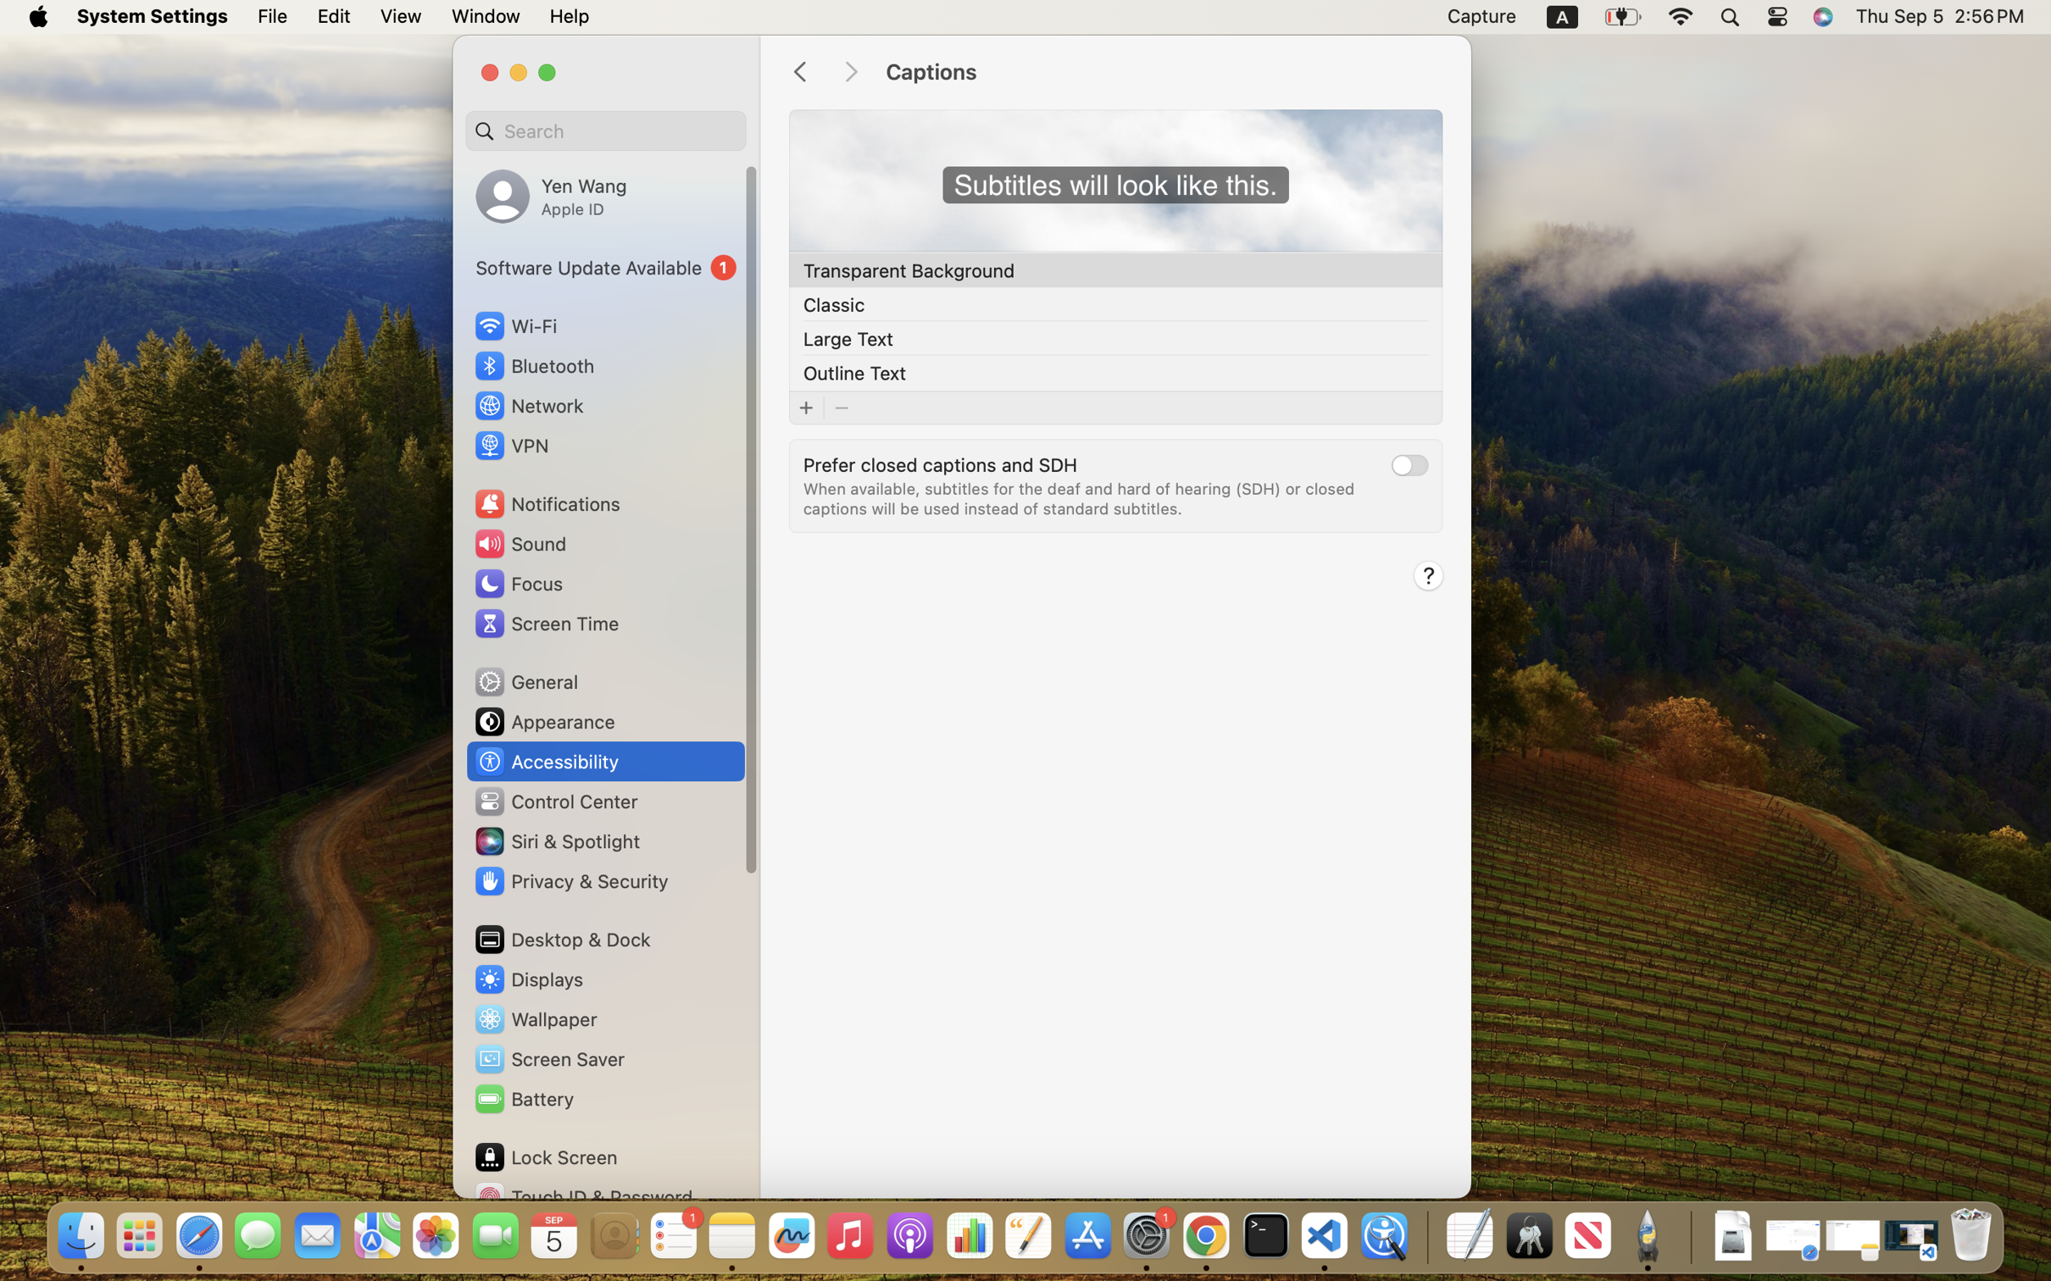  Describe the element at coordinates (514, 324) in the screenshot. I see `'Wi‑Fi'` at that location.